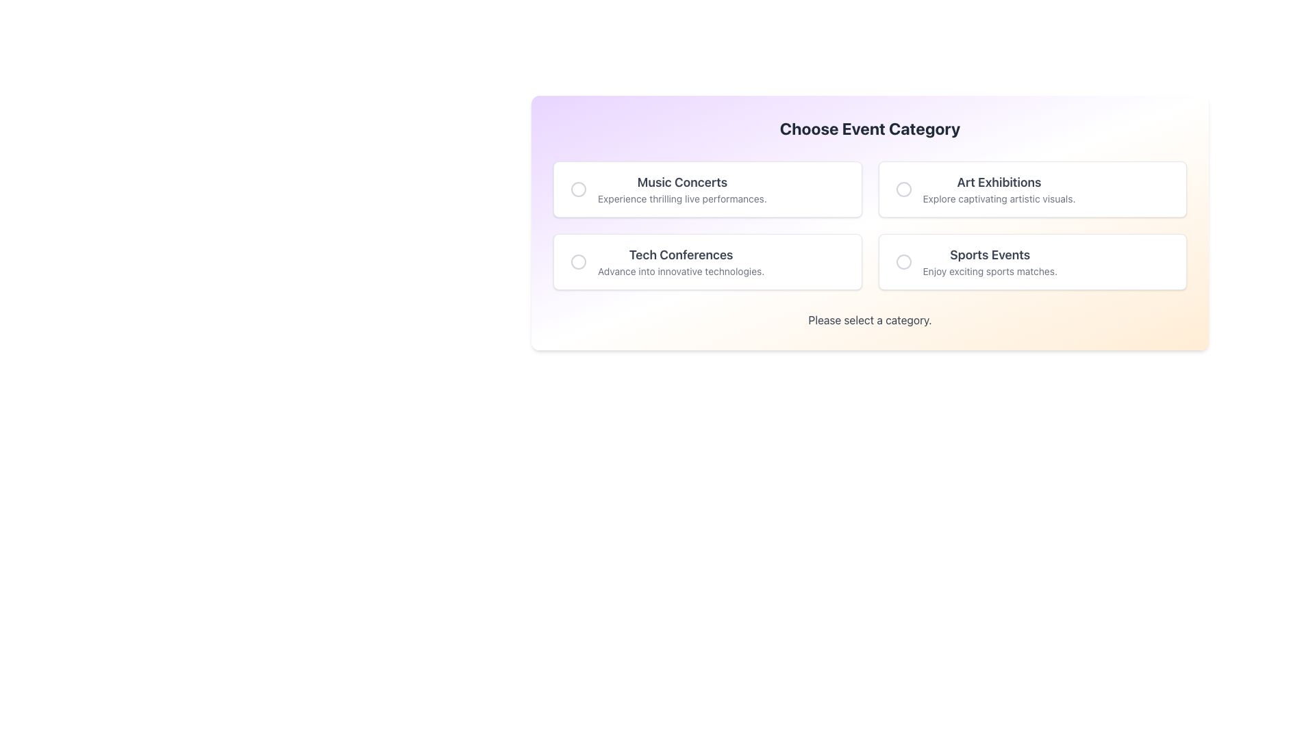  I want to click on the 'Art Exhibitions' radio button and its associated text label, so click(1032, 190).